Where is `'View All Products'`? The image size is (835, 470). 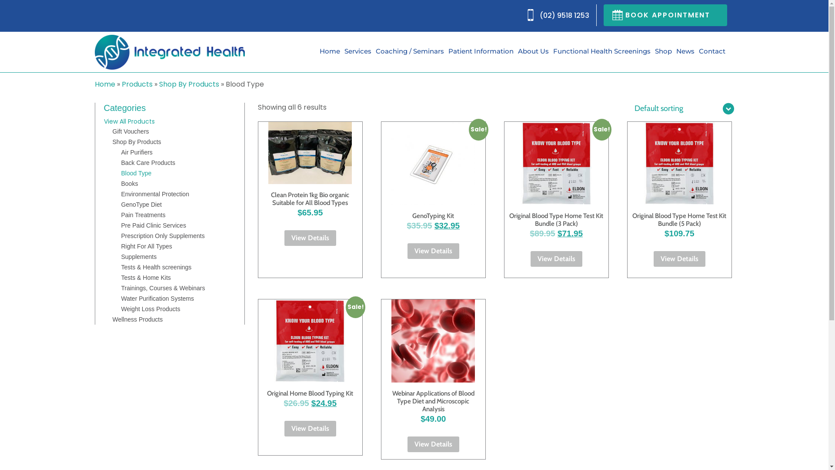 'View All Products' is located at coordinates (104, 121).